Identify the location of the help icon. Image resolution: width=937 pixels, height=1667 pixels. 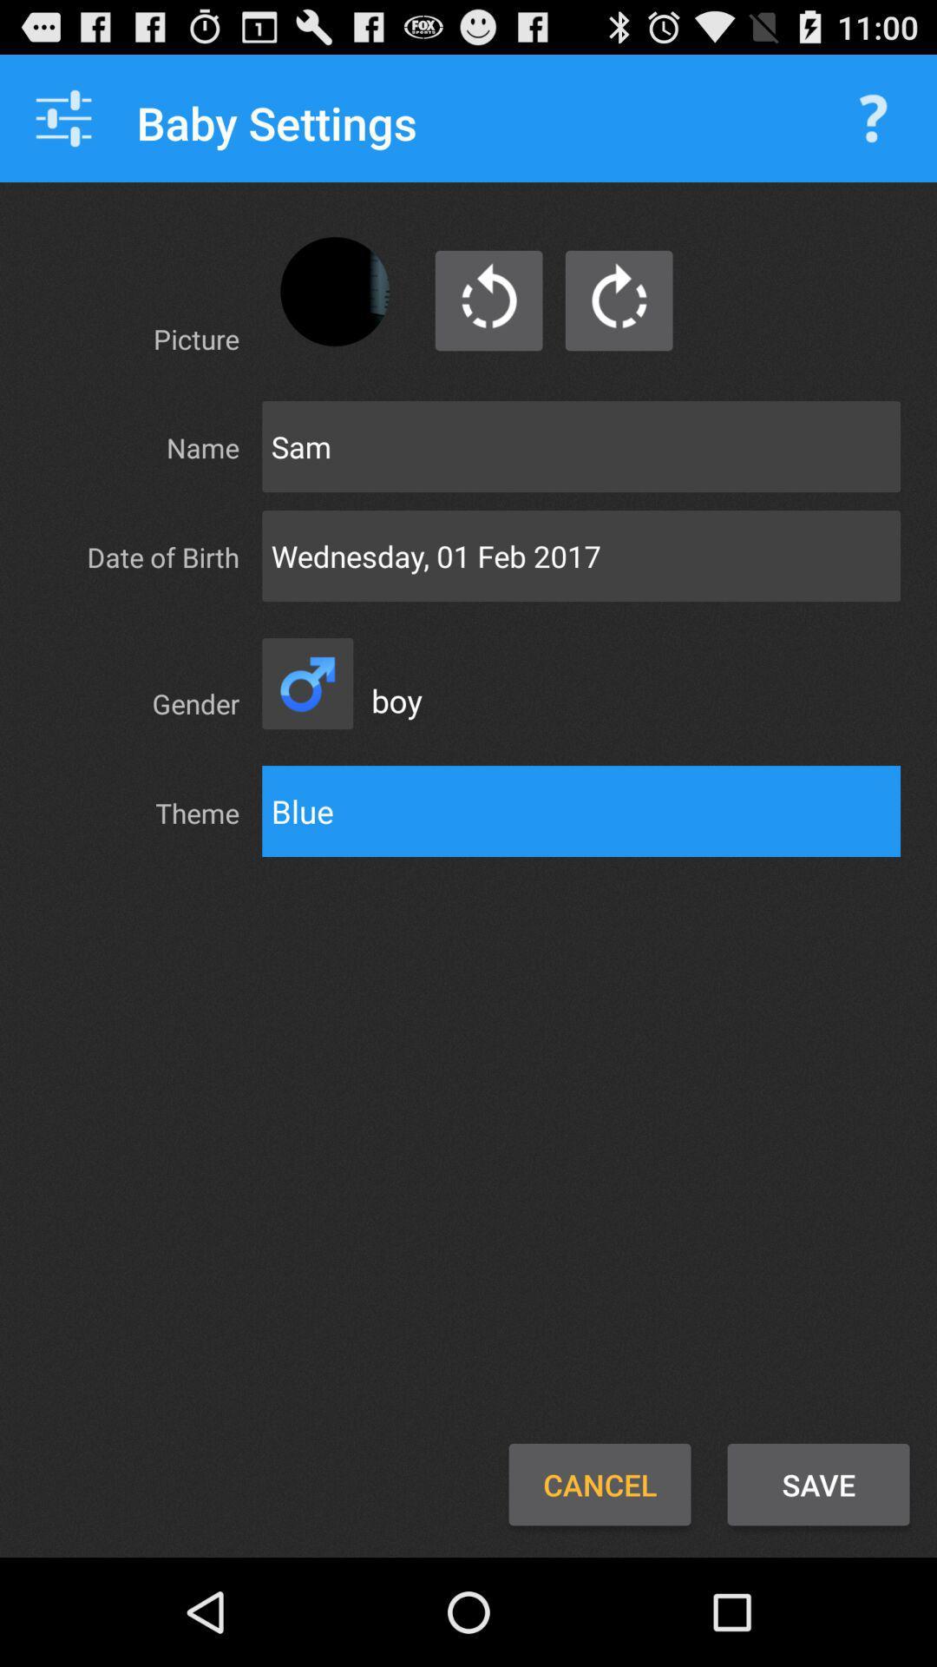
(873, 126).